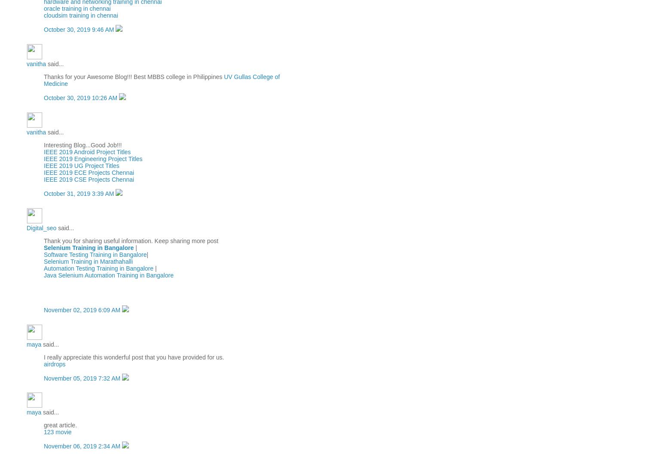  I want to click on 'October 30, 2019 9:46 AM', so click(80, 29).